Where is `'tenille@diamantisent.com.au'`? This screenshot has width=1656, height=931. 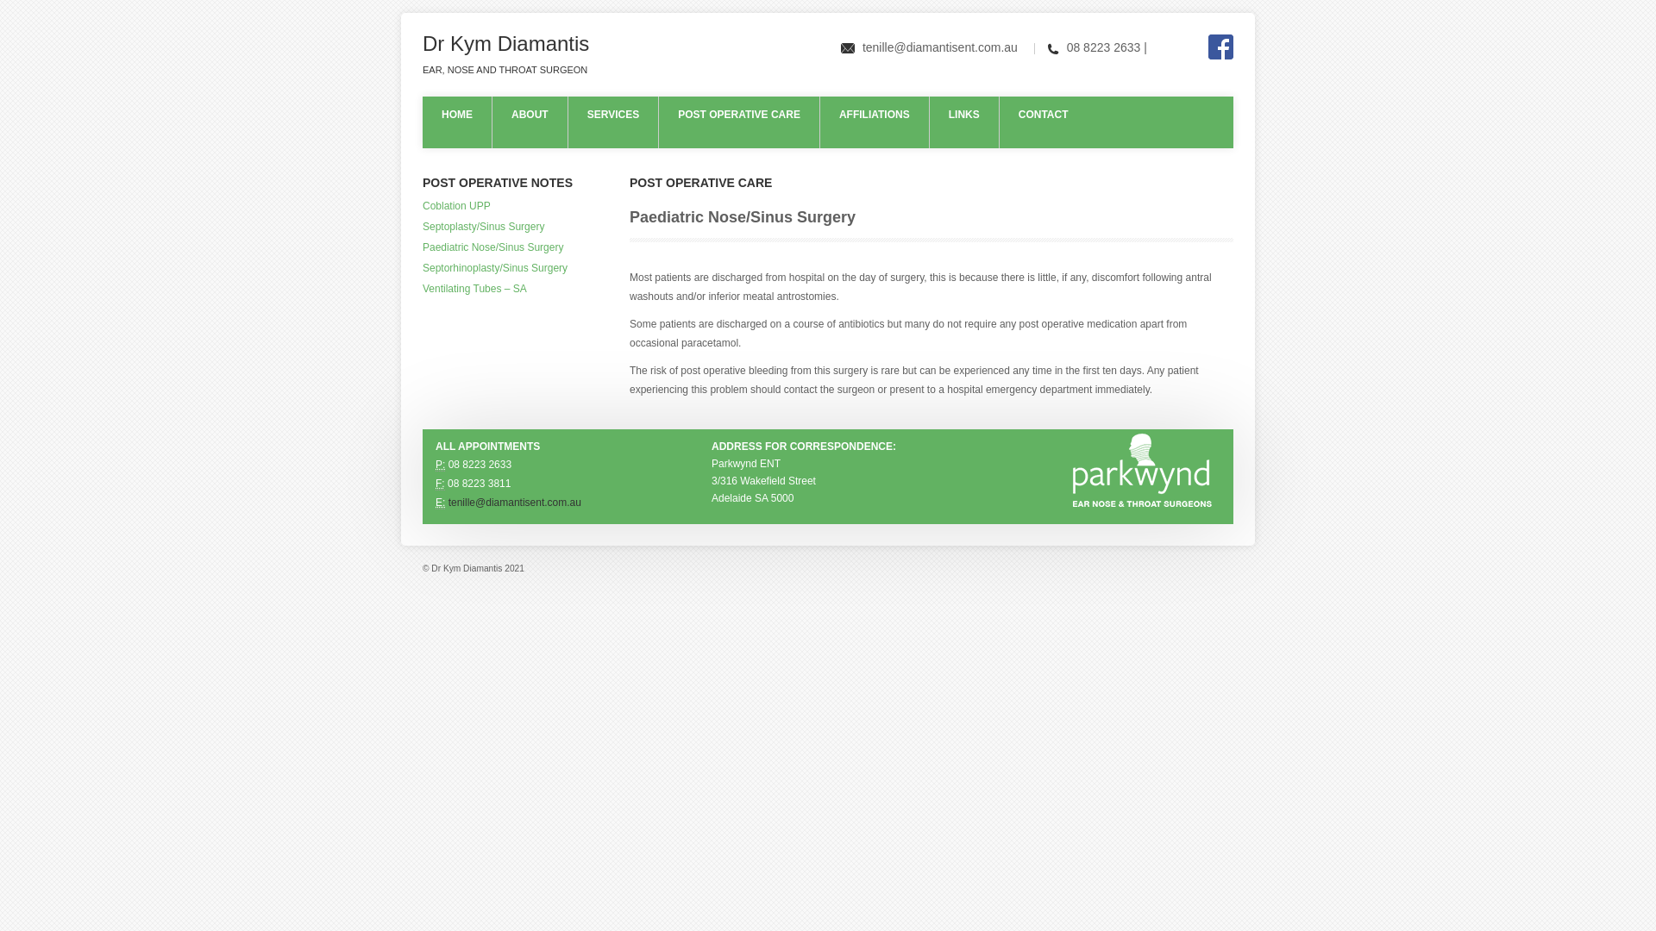 'tenille@diamantisent.com.au' is located at coordinates (513, 502).